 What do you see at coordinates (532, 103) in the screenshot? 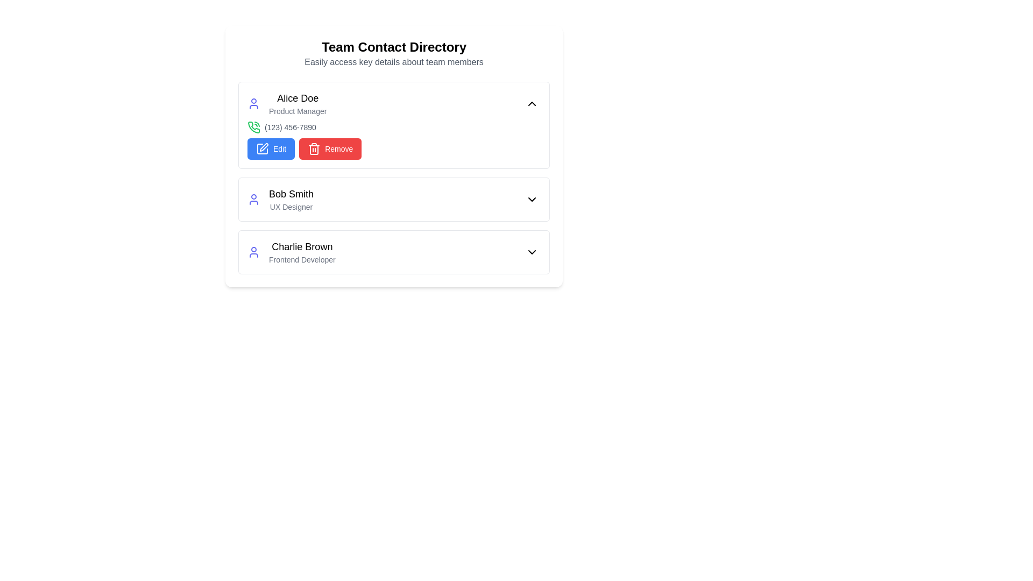
I see `the chevron-up icon located at the far right inside the card titled 'Alice Doe'` at bounding box center [532, 103].